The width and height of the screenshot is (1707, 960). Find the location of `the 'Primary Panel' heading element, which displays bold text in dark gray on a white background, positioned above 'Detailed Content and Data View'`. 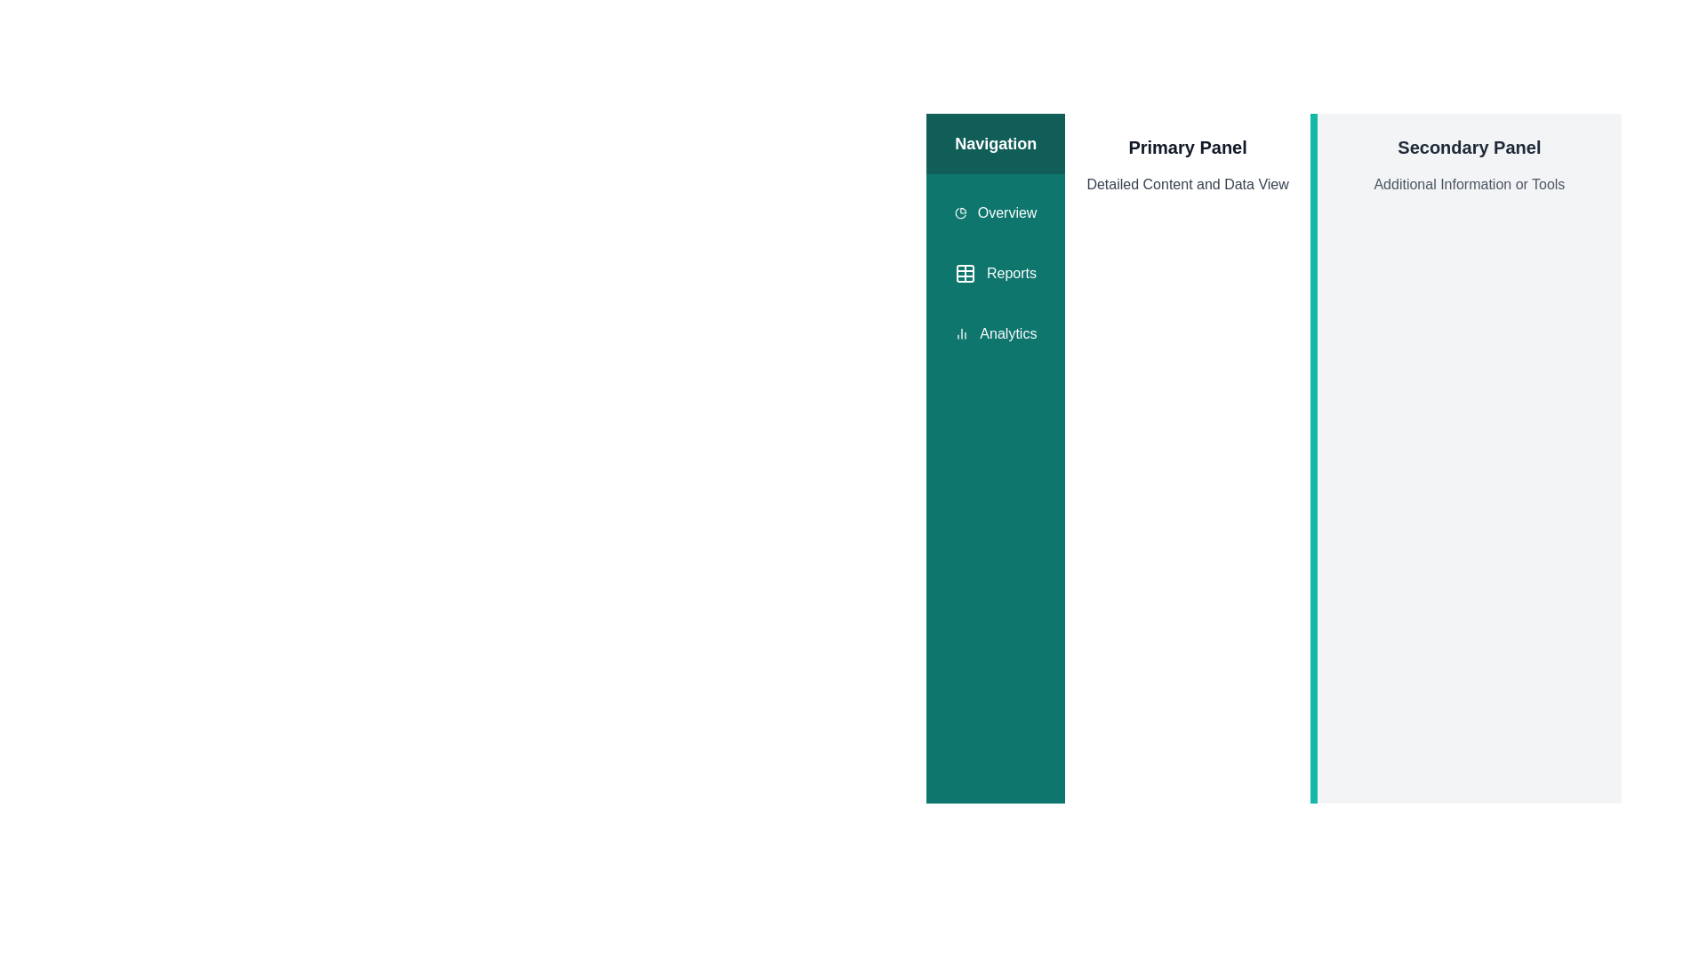

the 'Primary Panel' heading element, which displays bold text in dark gray on a white background, positioned above 'Detailed Content and Data View' is located at coordinates (1188, 146).